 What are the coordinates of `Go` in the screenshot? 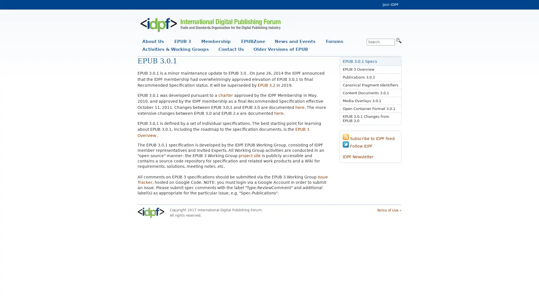 It's located at (398, 40).